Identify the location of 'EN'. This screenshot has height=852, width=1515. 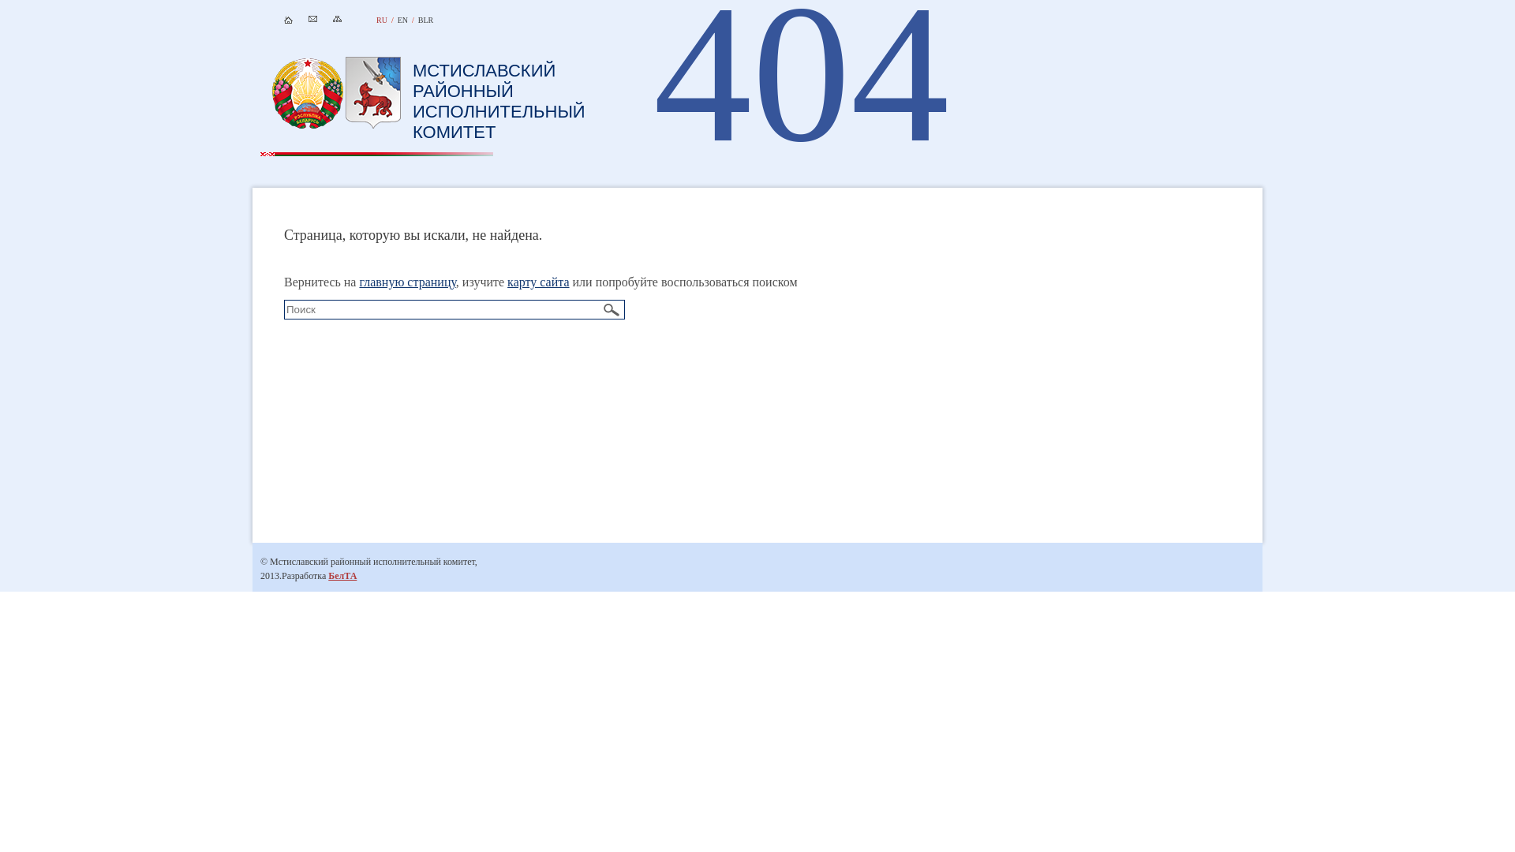
(402, 20).